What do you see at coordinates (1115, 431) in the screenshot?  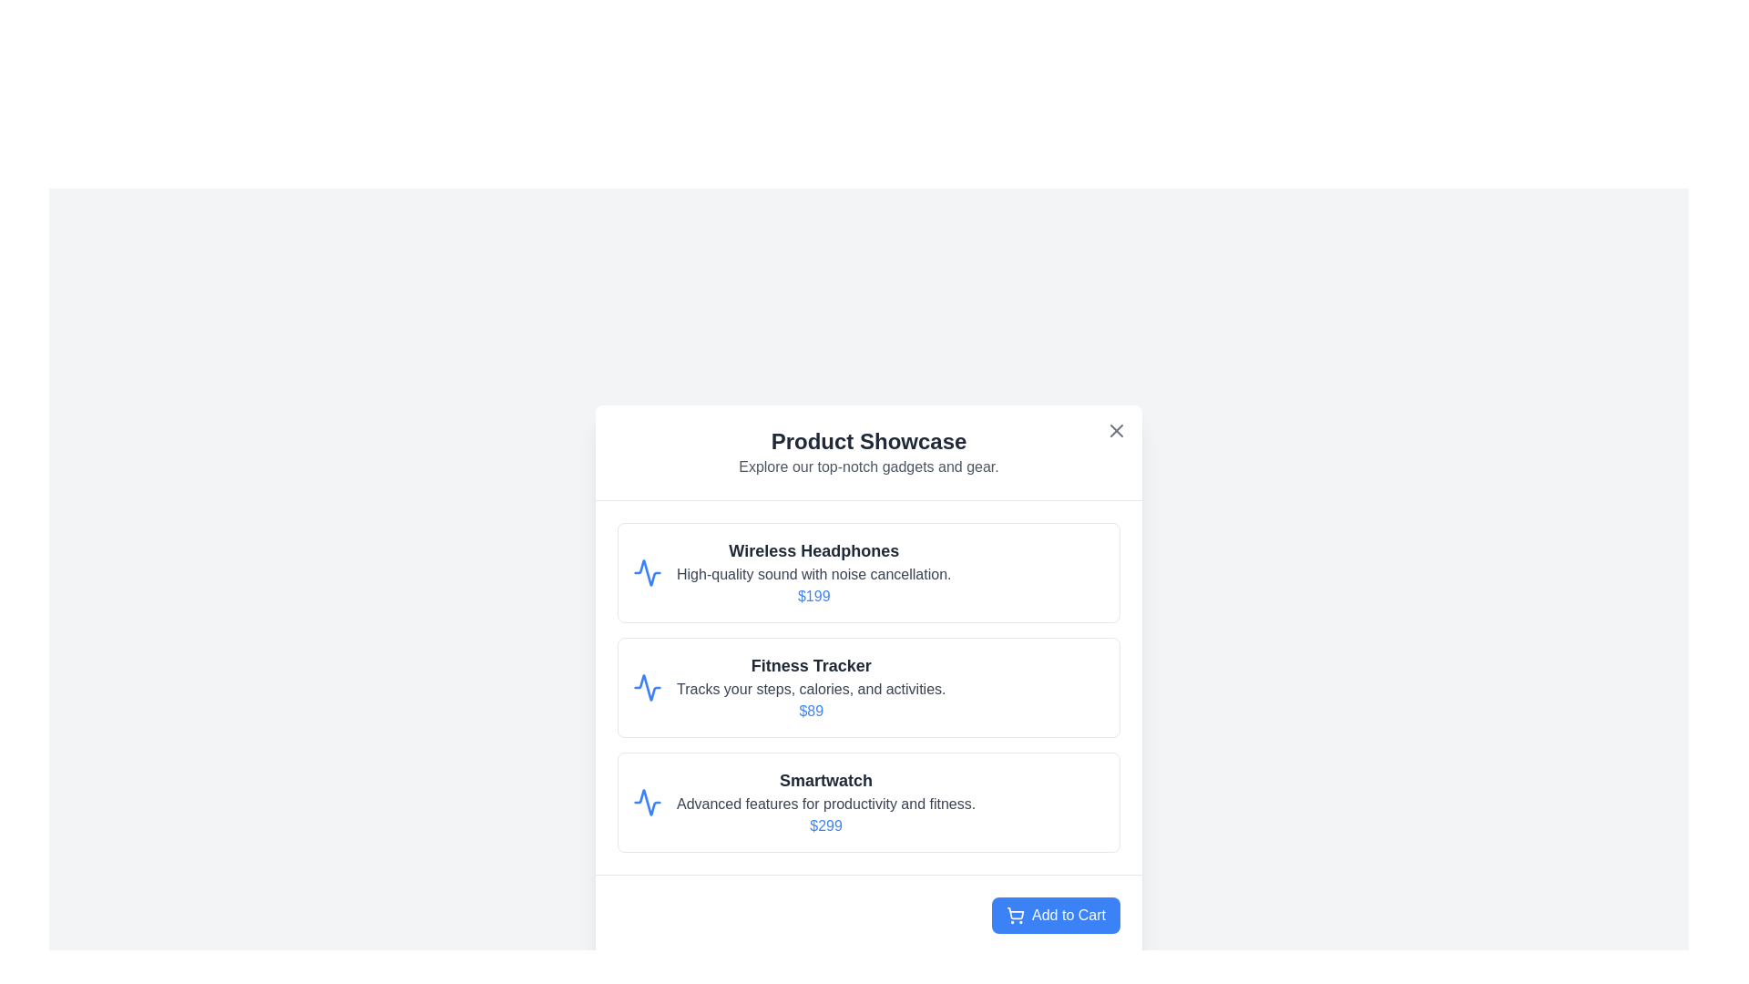 I see `the 'X' close button in the top-right corner of the modal` at bounding box center [1115, 431].